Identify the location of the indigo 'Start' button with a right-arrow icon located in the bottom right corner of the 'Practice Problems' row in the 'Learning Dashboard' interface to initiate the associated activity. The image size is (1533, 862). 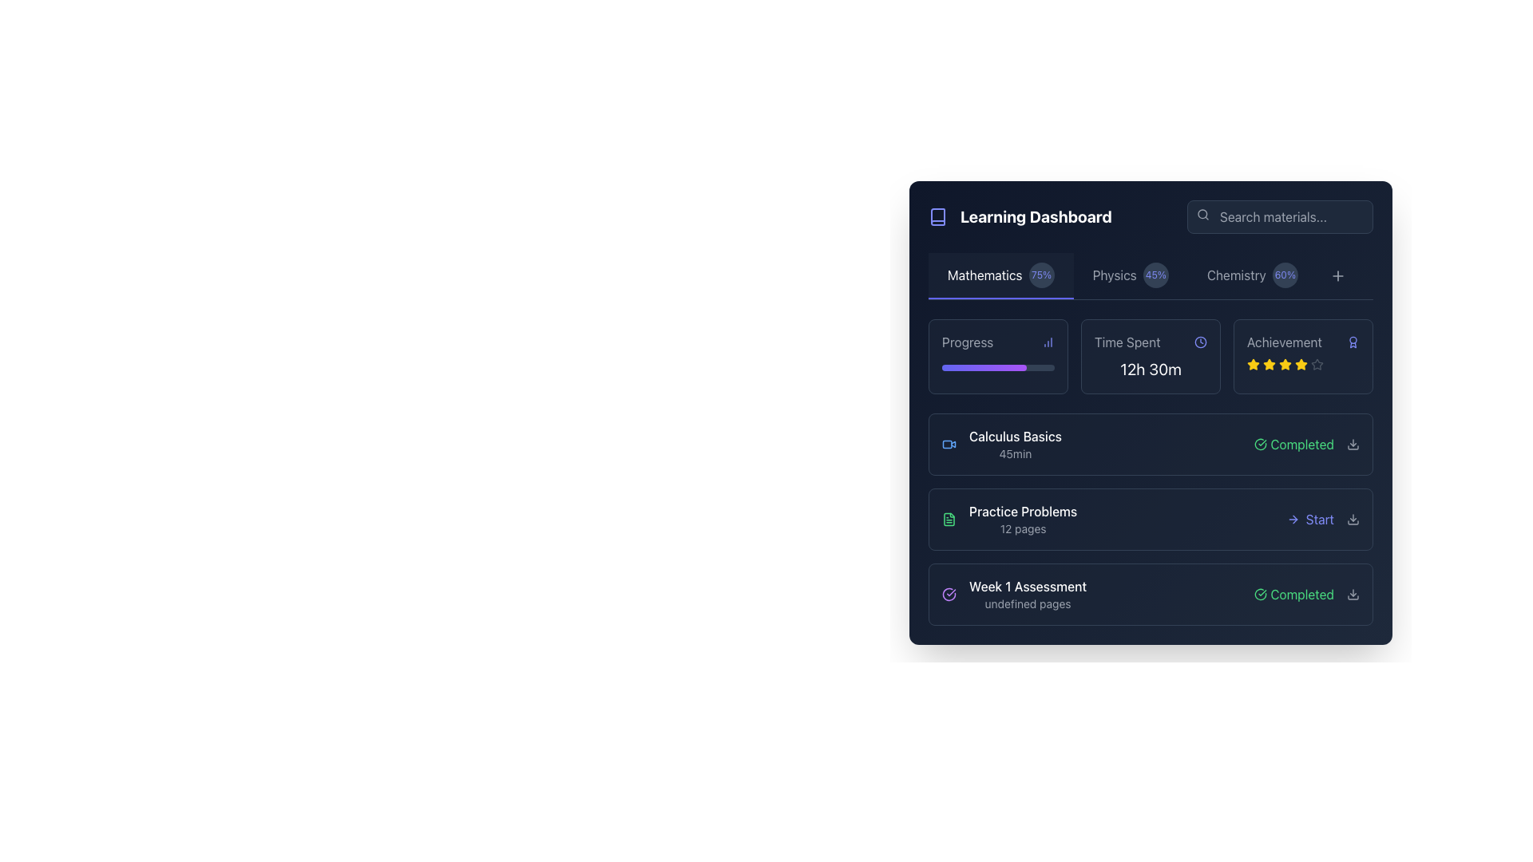
(1310, 520).